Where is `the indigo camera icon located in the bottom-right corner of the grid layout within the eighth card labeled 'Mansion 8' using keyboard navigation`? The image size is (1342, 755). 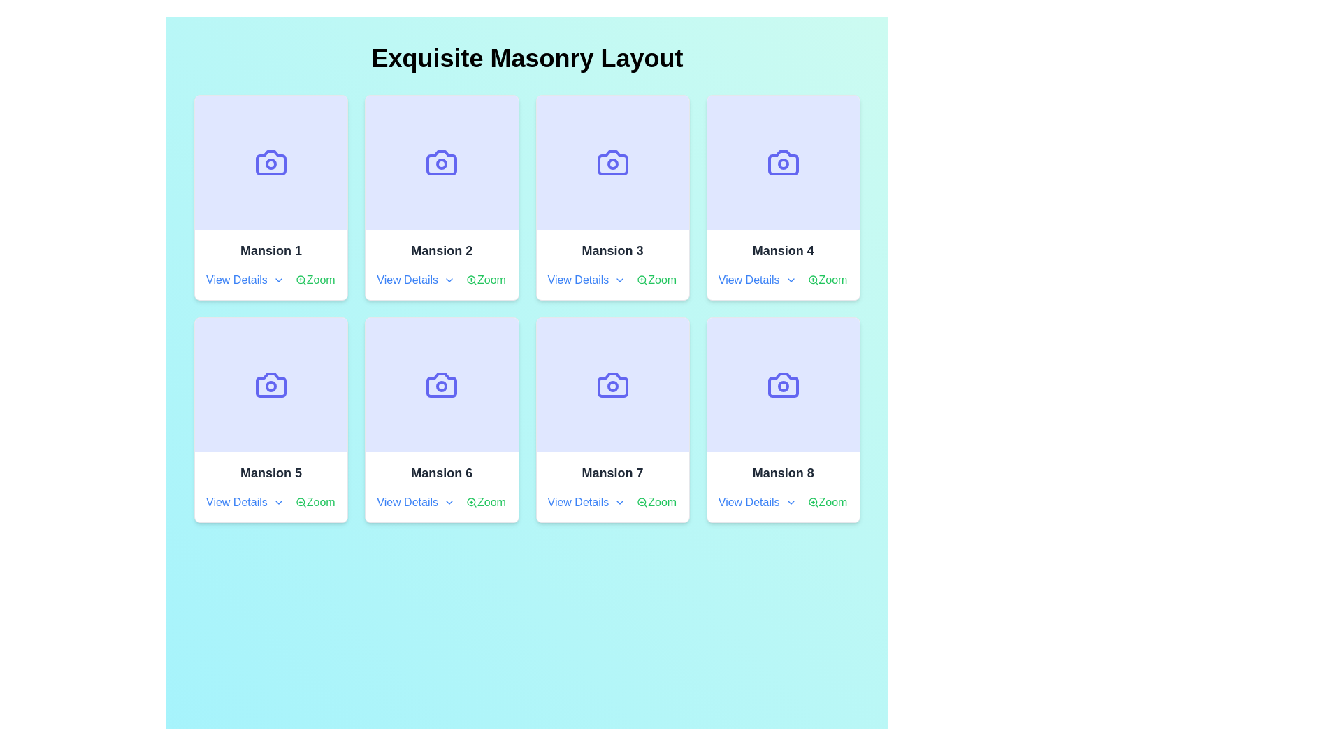 the indigo camera icon located in the bottom-right corner of the grid layout within the eighth card labeled 'Mansion 8' using keyboard navigation is located at coordinates (783, 385).